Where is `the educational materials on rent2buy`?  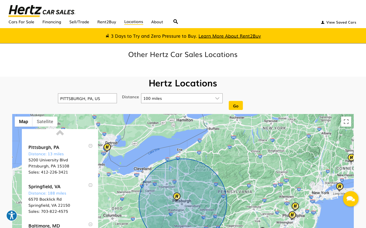 the educational materials on rent2buy is located at coordinates (230, 36).